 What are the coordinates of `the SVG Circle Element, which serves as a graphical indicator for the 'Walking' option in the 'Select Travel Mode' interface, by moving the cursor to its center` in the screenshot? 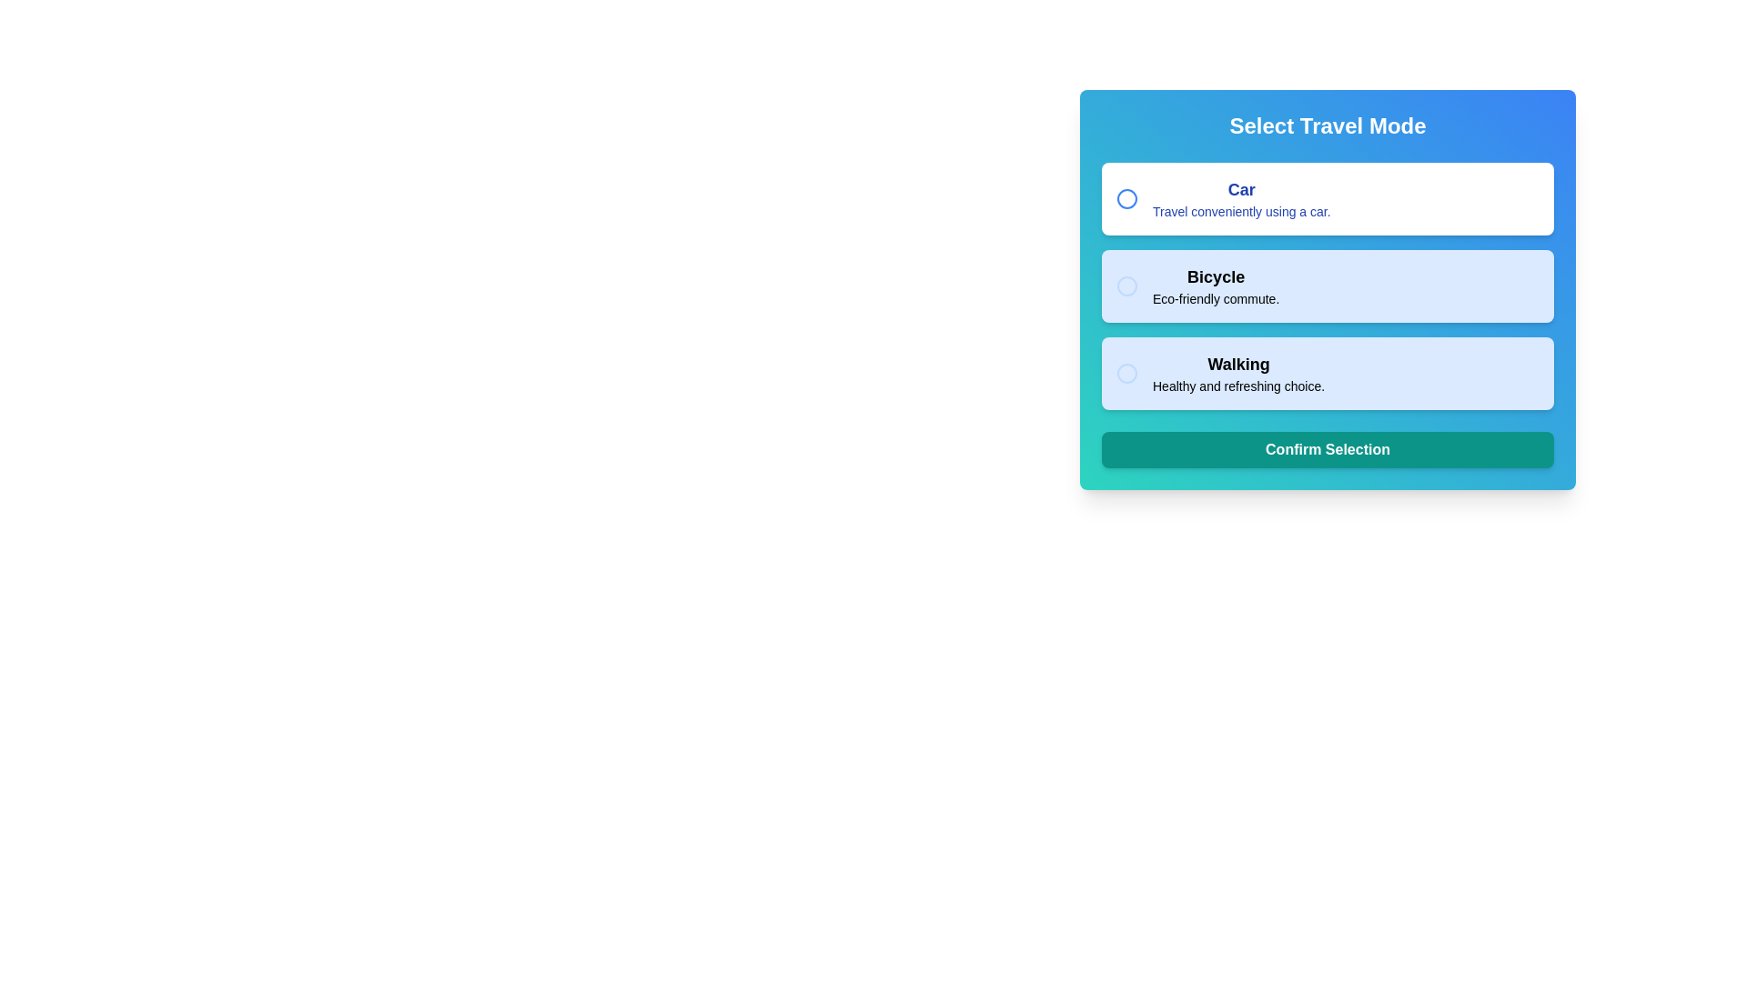 It's located at (1126, 373).